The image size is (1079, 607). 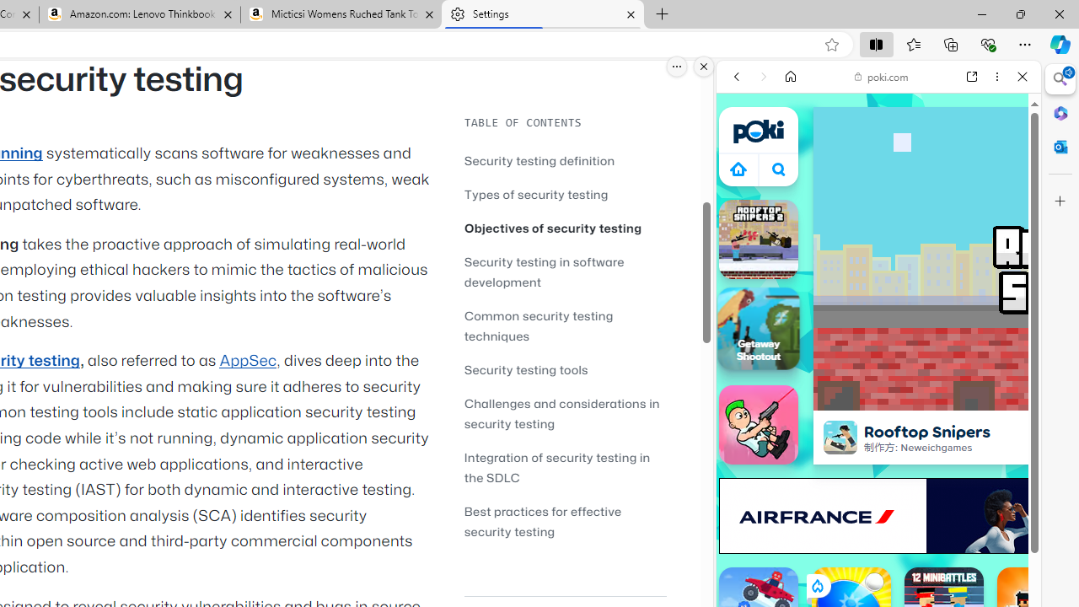 What do you see at coordinates (544, 271) in the screenshot?
I see `'Security testing in software development'` at bounding box center [544, 271].